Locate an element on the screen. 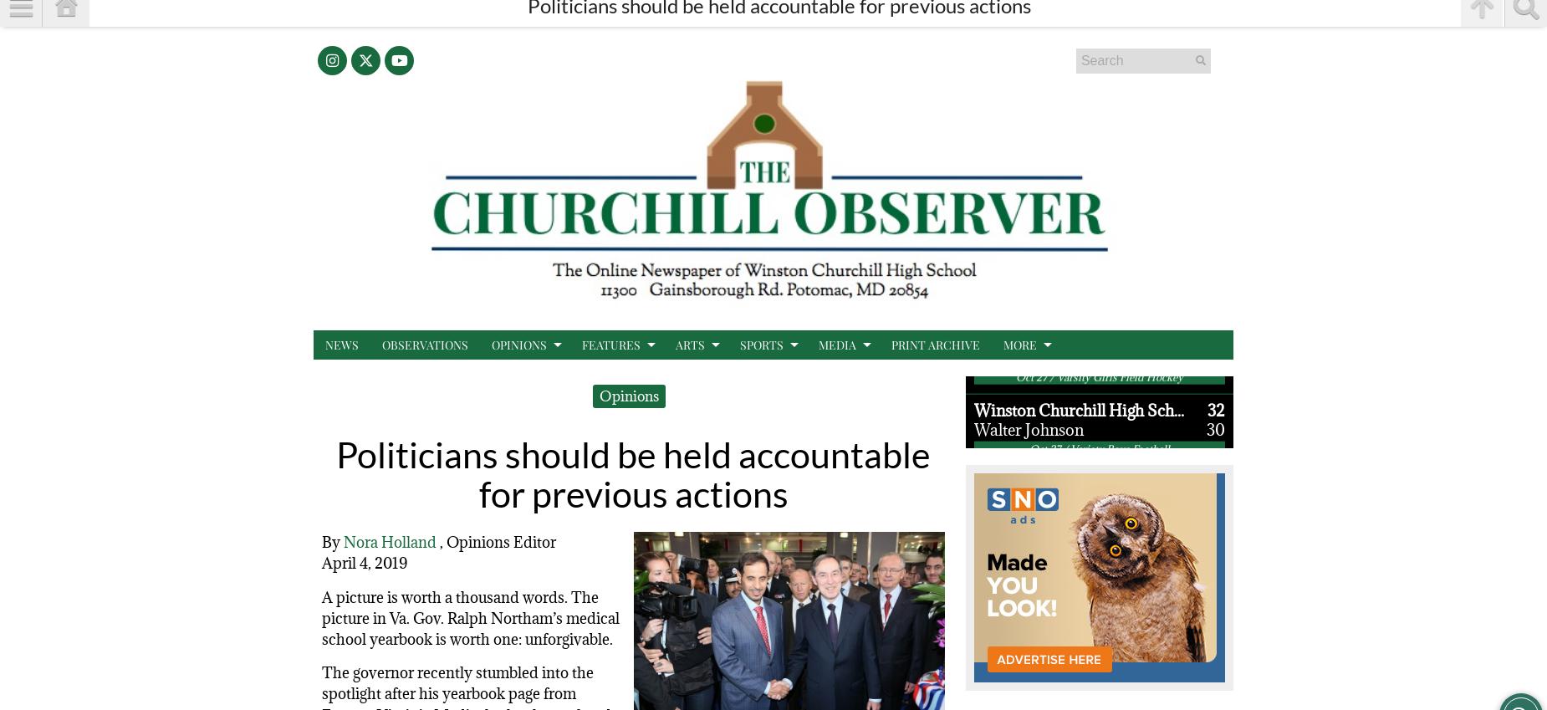 This screenshot has width=1547, height=710. 'Nora Holland' is located at coordinates (391, 542).